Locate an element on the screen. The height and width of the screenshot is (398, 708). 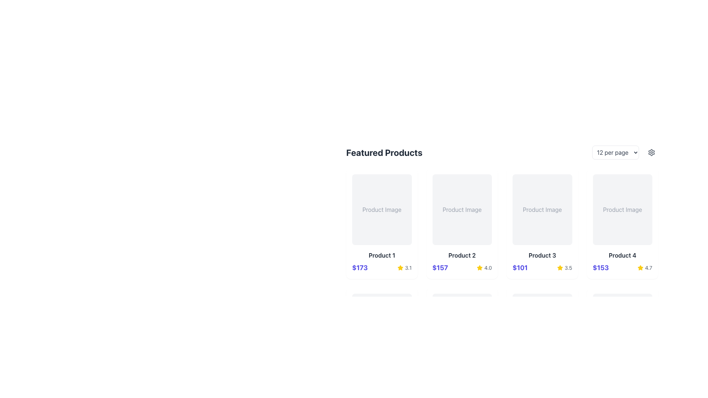
the Text label located in the third product card of the featured products list, which serves as the title for the product is located at coordinates (542, 255).